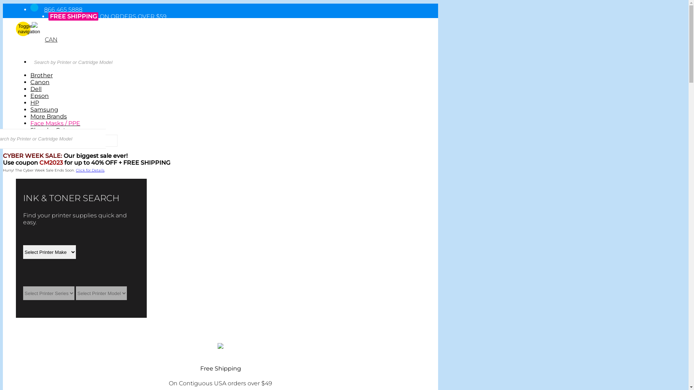  Describe the element at coordinates (48, 116) in the screenshot. I see `'More Brands'` at that location.